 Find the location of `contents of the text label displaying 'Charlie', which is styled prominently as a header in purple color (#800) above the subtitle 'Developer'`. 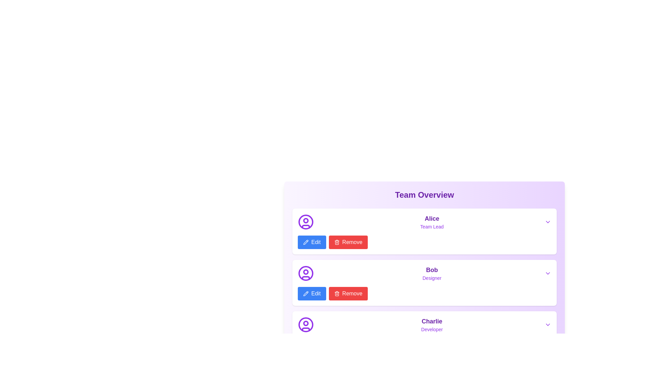

contents of the text label displaying 'Charlie', which is styled prominently as a header in purple color (#800) above the subtitle 'Developer' is located at coordinates (431, 321).